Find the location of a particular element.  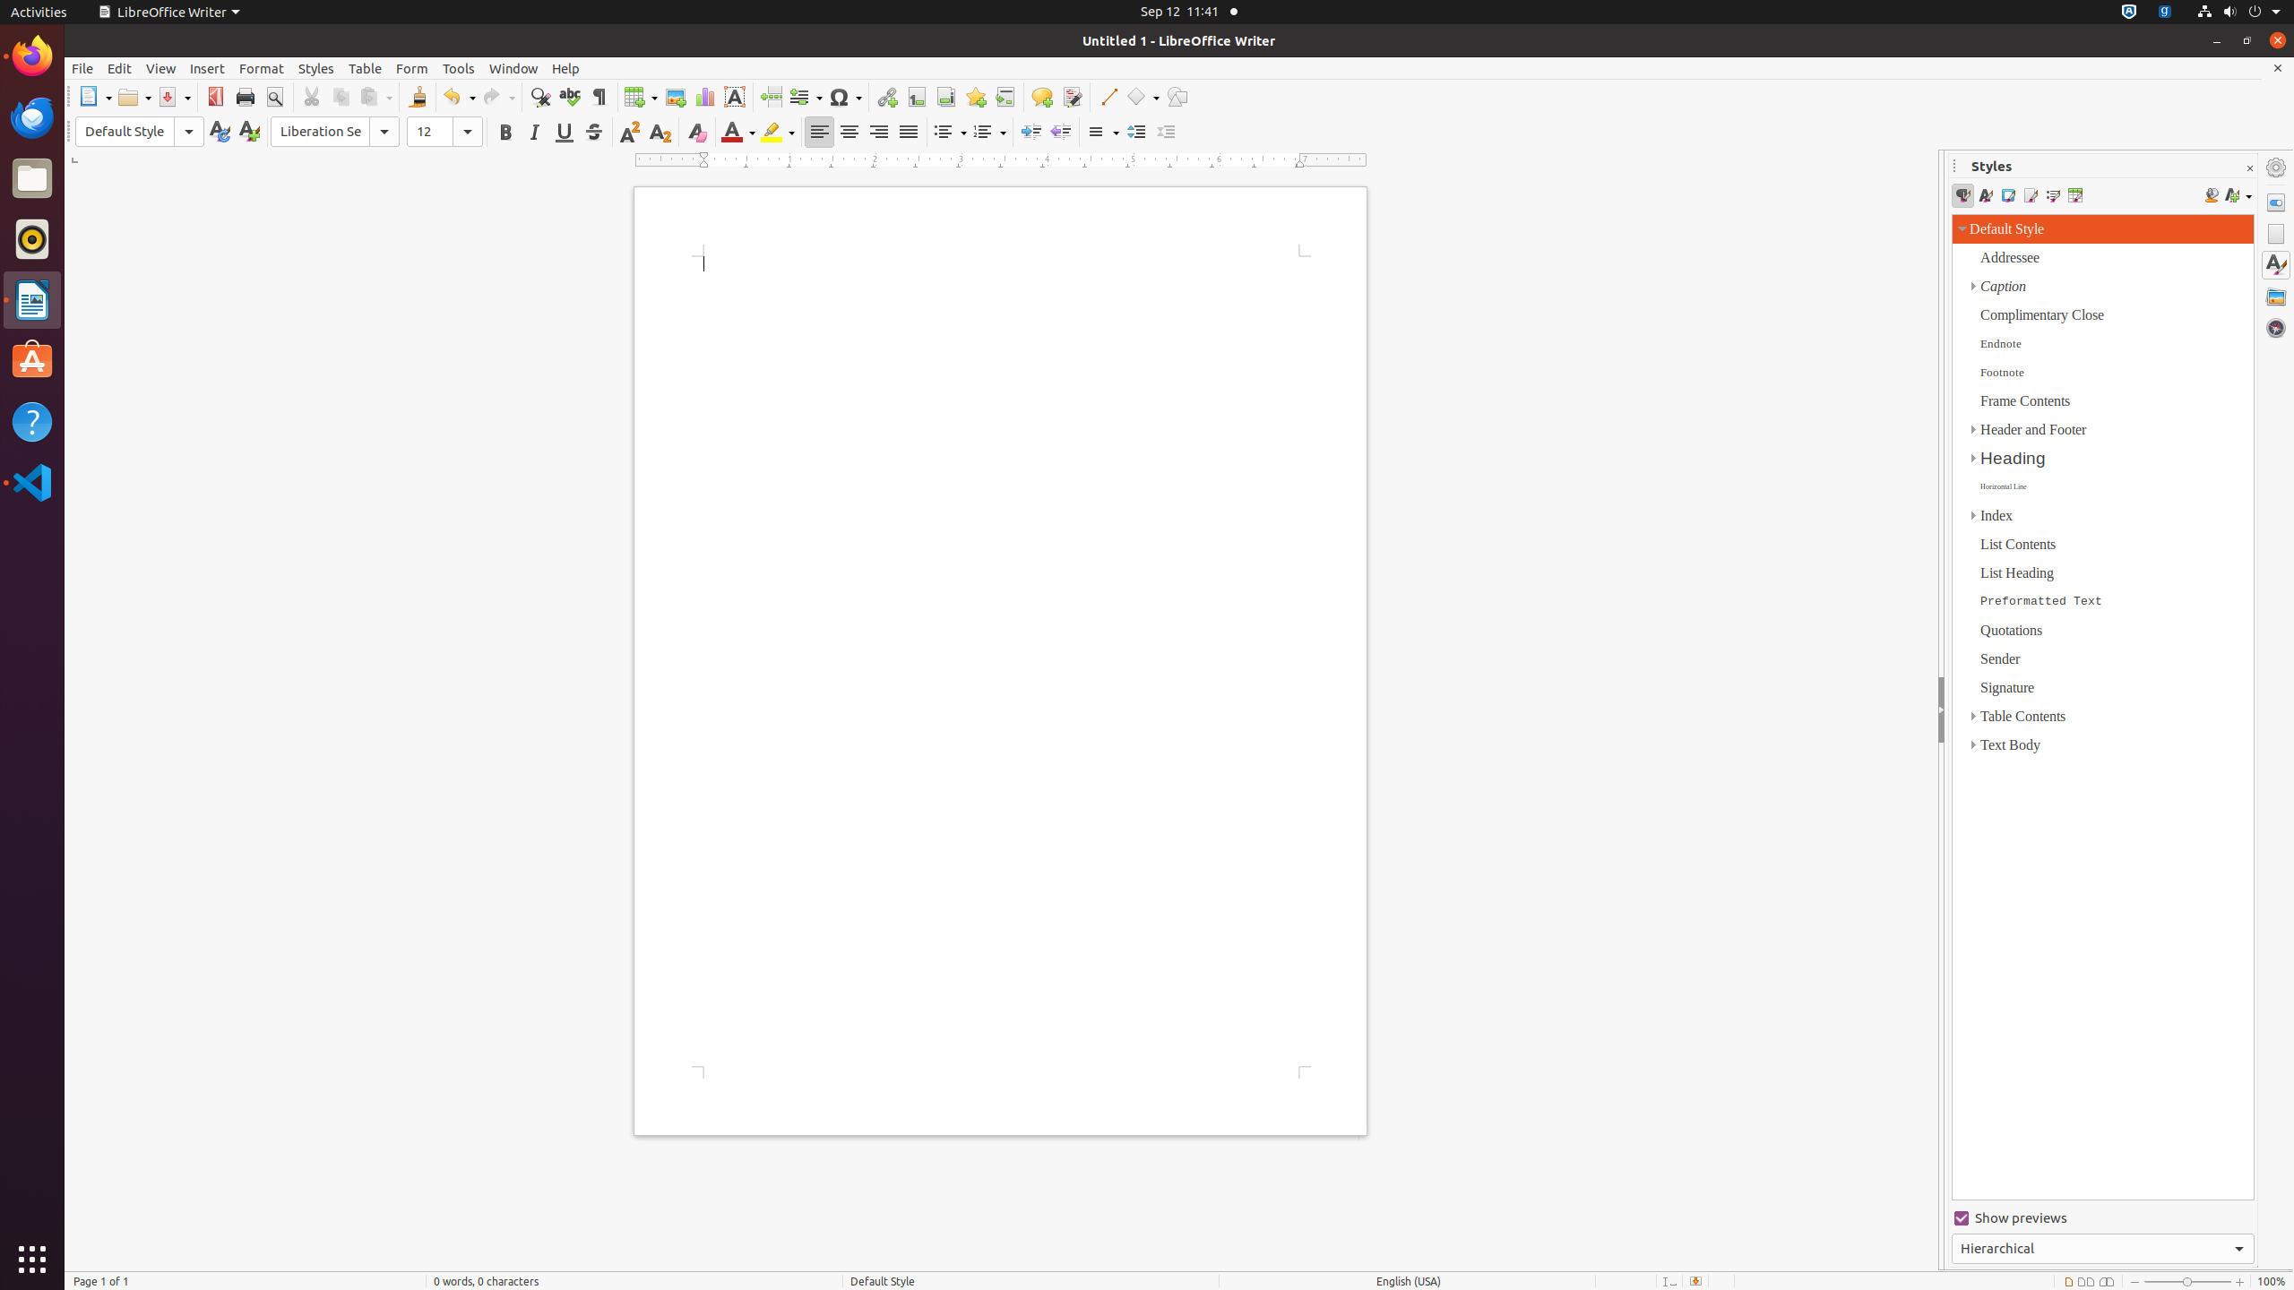

'Print Preview' is located at coordinates (273, 96).